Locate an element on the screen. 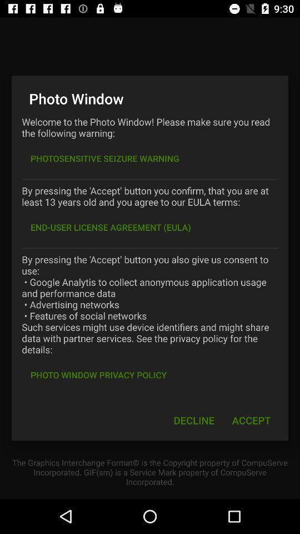 The height and width of the screenshot is (534, 300). the item below the by pressing the is located at coordinates (111, 226).